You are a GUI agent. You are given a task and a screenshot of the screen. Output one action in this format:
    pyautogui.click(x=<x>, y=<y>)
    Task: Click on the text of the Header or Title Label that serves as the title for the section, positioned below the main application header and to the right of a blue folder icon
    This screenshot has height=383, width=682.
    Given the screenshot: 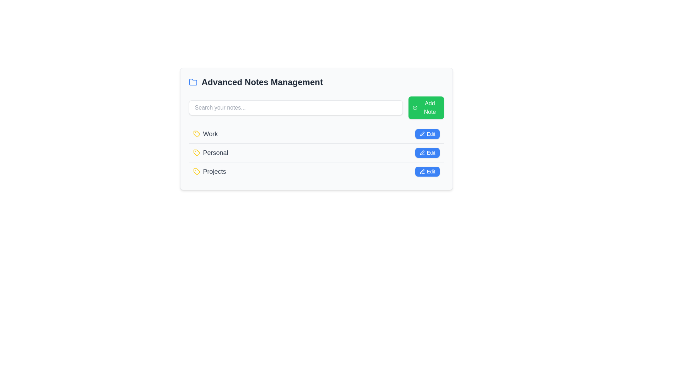 What is the action you would take?
    pyautogui.click(x=262, y=82)
    